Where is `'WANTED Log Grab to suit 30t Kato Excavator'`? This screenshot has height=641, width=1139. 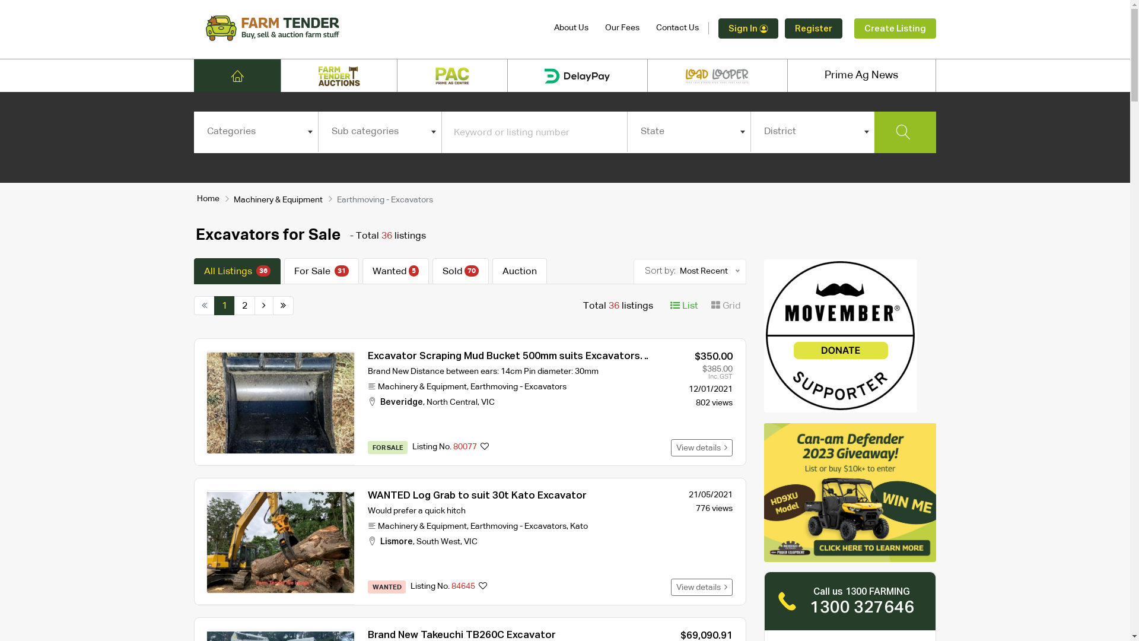
'WANTED Log Grab to suit 30t Kato Excavator' is located at coordinates (477, 496).